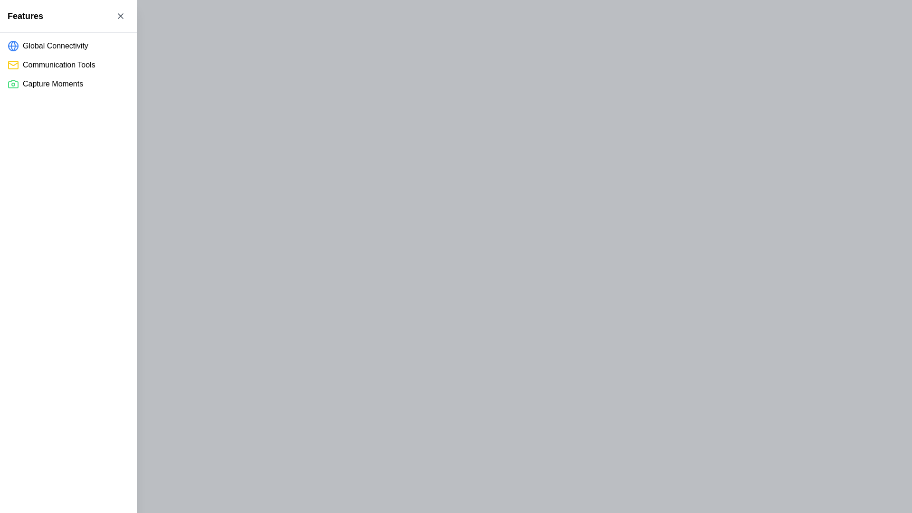 This screenshot has height=513, width=912. Describe the element at coordinates (58, 65) in the screenshot. I see `the 'Communication Tools' text label, which is styled in medium weight sans-serif font and is located in the sidebar menu, below 'Global Connectivity' and above 'Capture Moments'` at that location.